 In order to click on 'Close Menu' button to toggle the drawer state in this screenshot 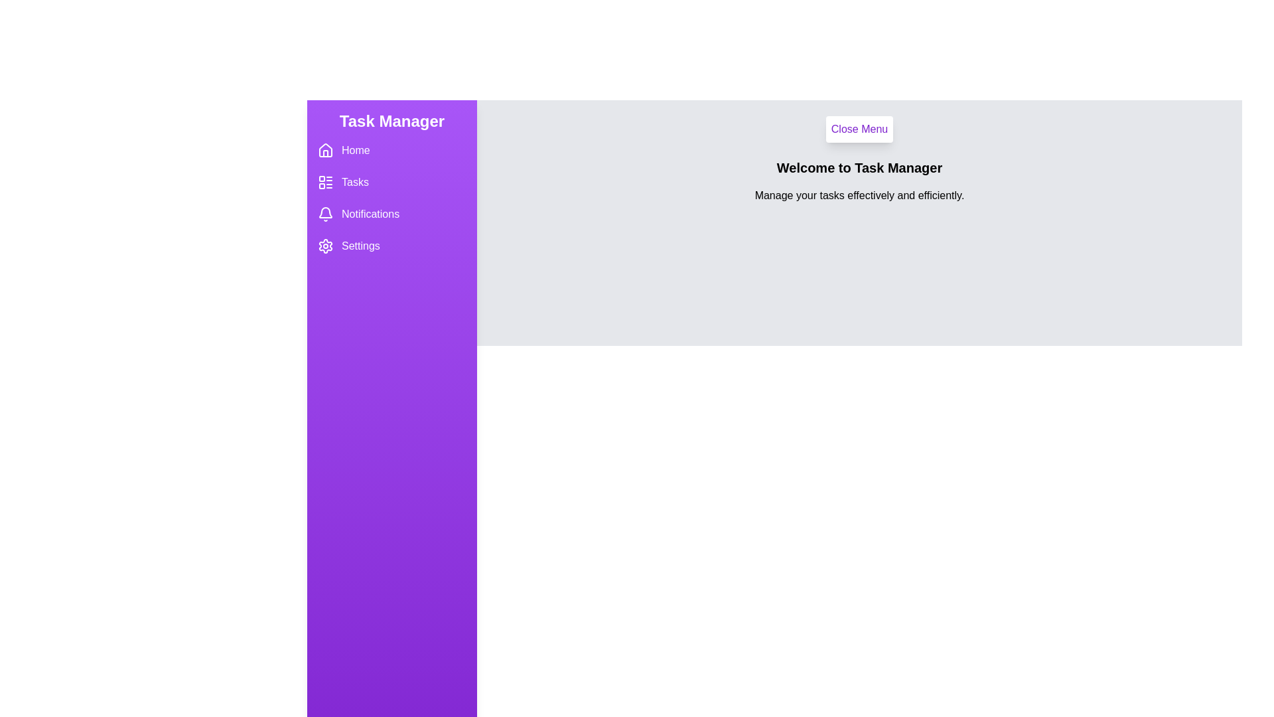, I will do `click(859, 129)`.